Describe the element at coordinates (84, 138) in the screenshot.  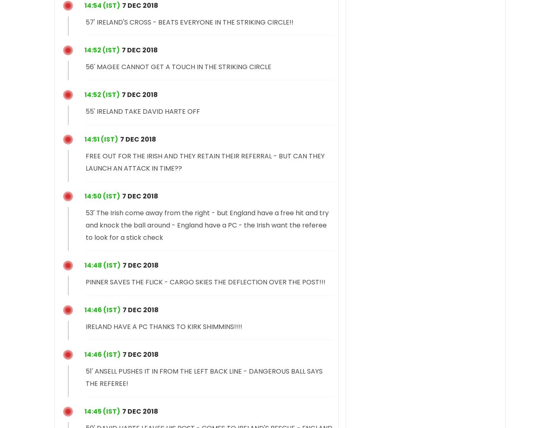
I see `'20:21 (IST)'` at that location.